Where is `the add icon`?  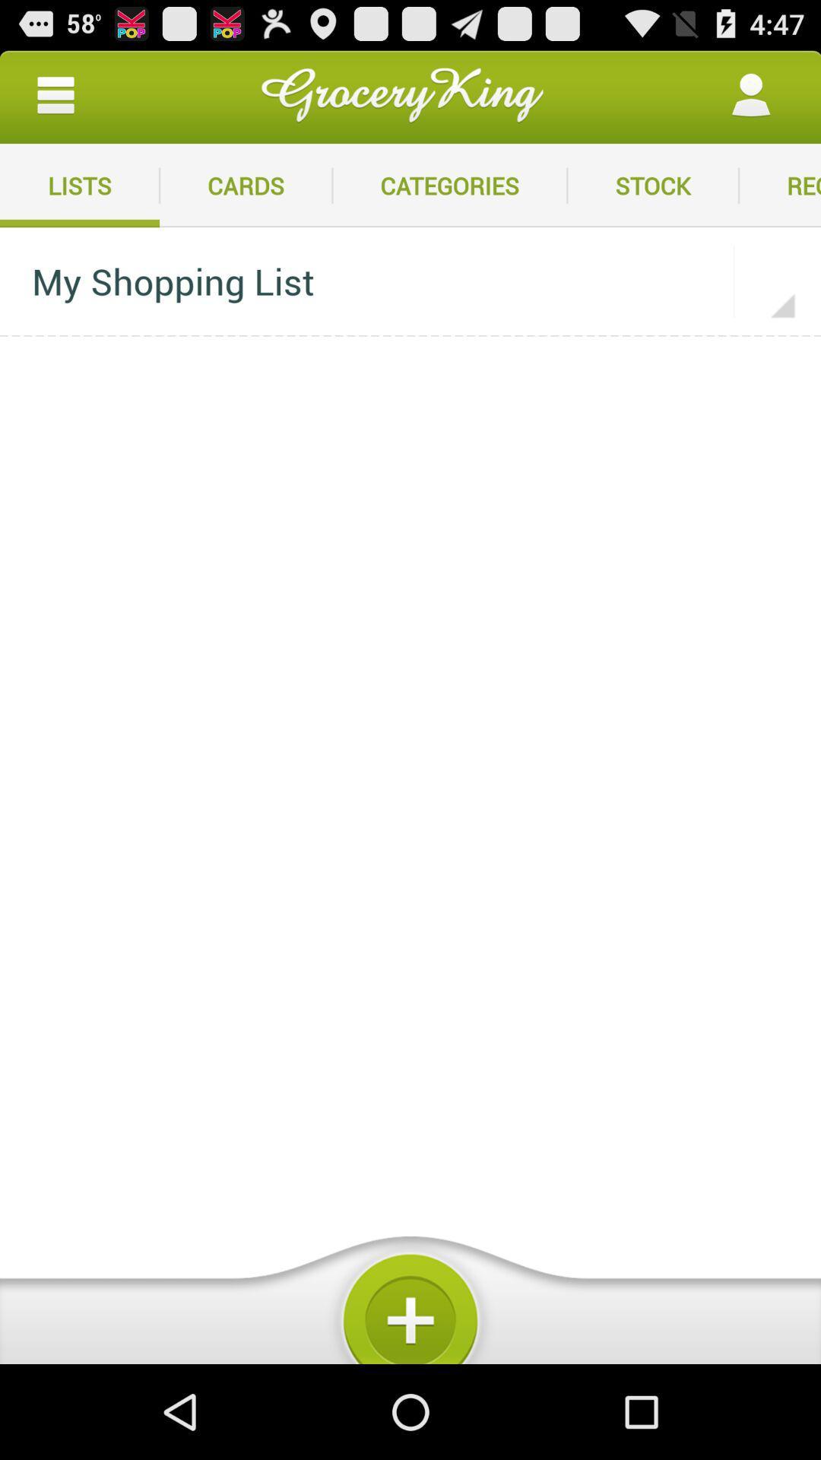 the add icon is located at coordinates (410, 1382).